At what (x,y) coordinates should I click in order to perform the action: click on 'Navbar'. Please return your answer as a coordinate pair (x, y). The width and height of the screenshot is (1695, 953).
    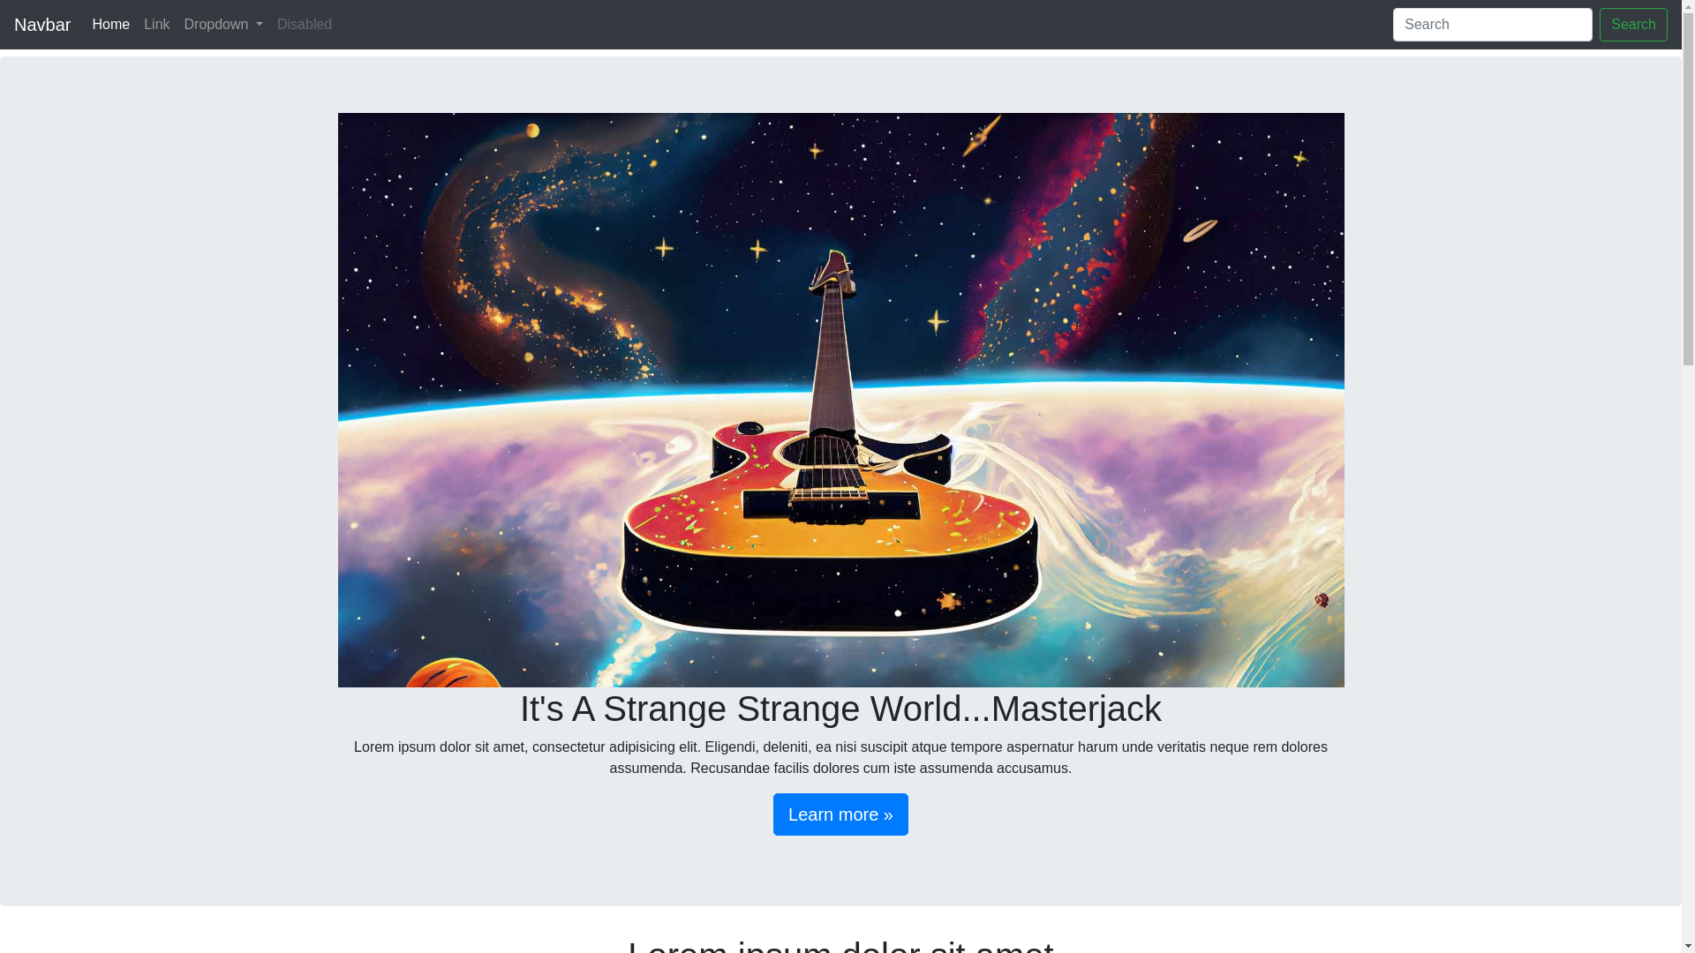
    Looking at the image, I should click on (42, 24).